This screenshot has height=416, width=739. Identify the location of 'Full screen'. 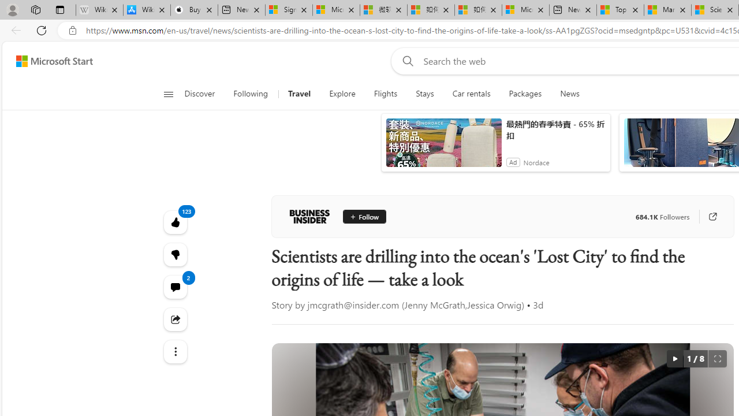
(716, 358).